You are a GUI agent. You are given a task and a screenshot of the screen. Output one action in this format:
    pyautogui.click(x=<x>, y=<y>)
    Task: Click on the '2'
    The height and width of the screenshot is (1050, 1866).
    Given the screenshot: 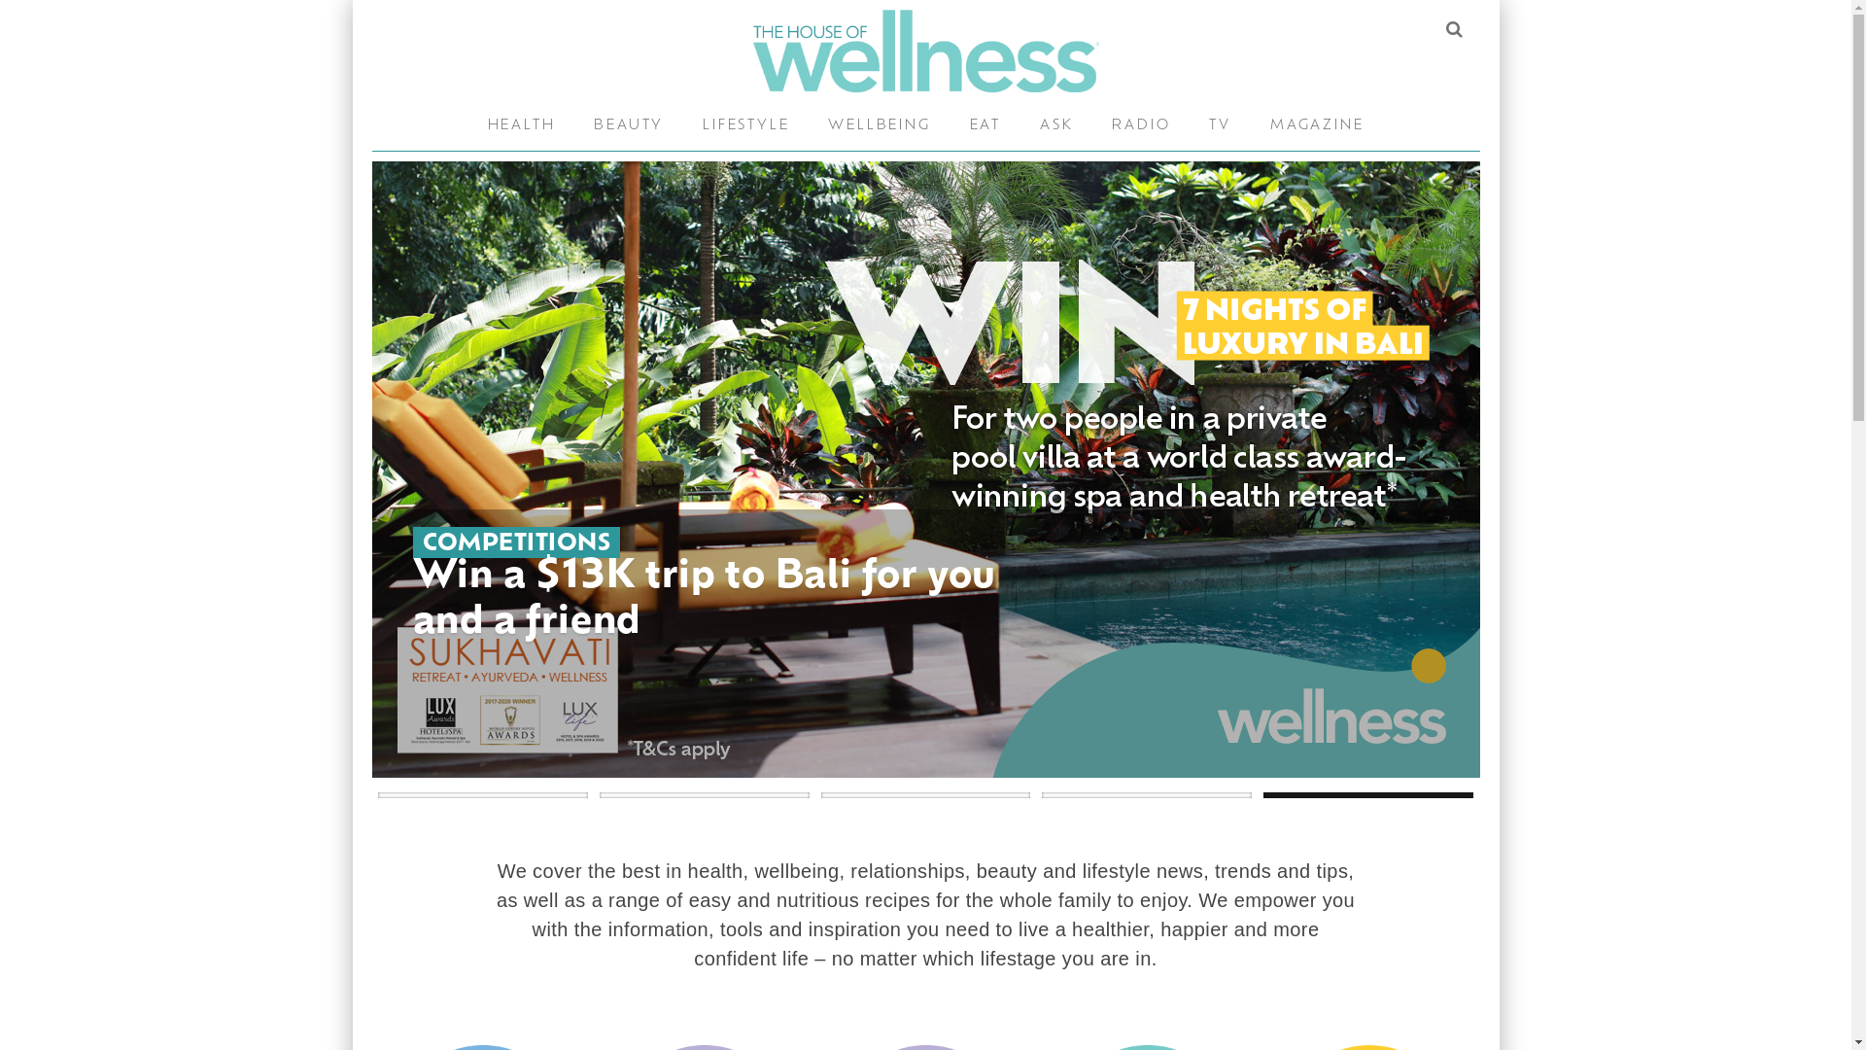 What is the action you would take?
    pyautogui.click(x=703, y=794)
    